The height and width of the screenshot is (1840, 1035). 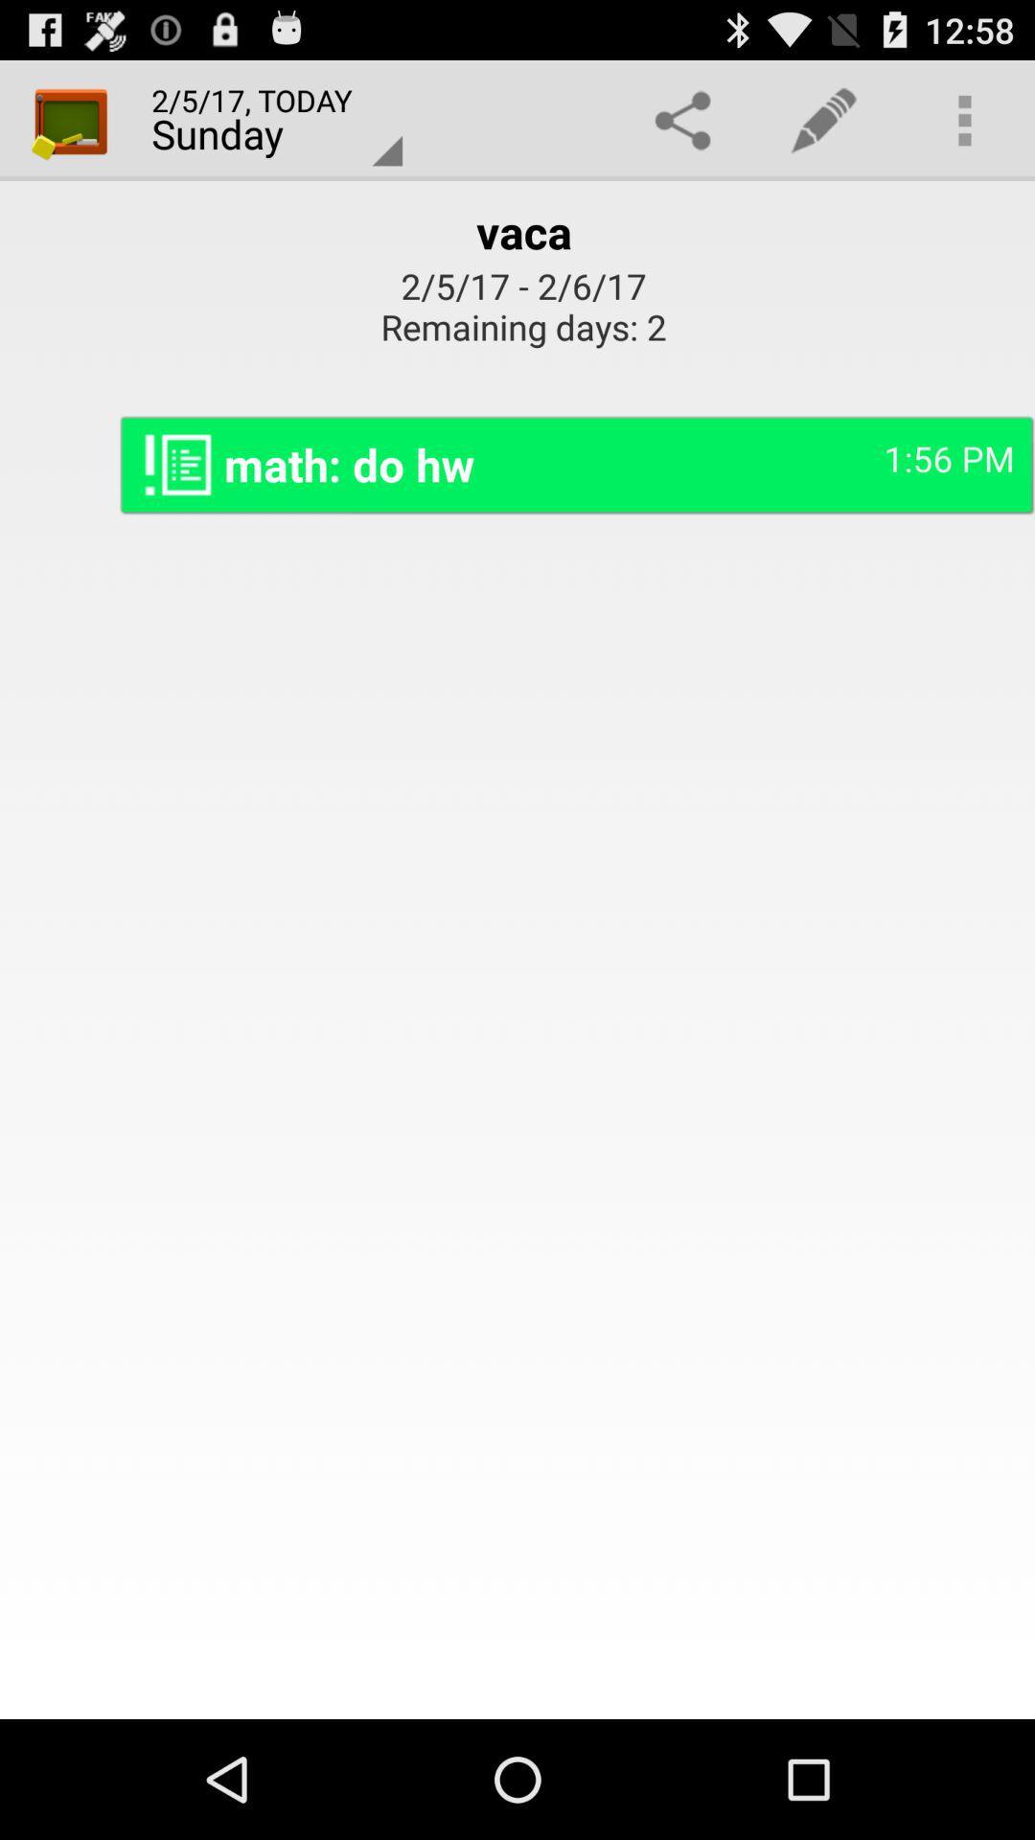 I want to click on the green color icon on the top left corner, so click(x=70, y=119).